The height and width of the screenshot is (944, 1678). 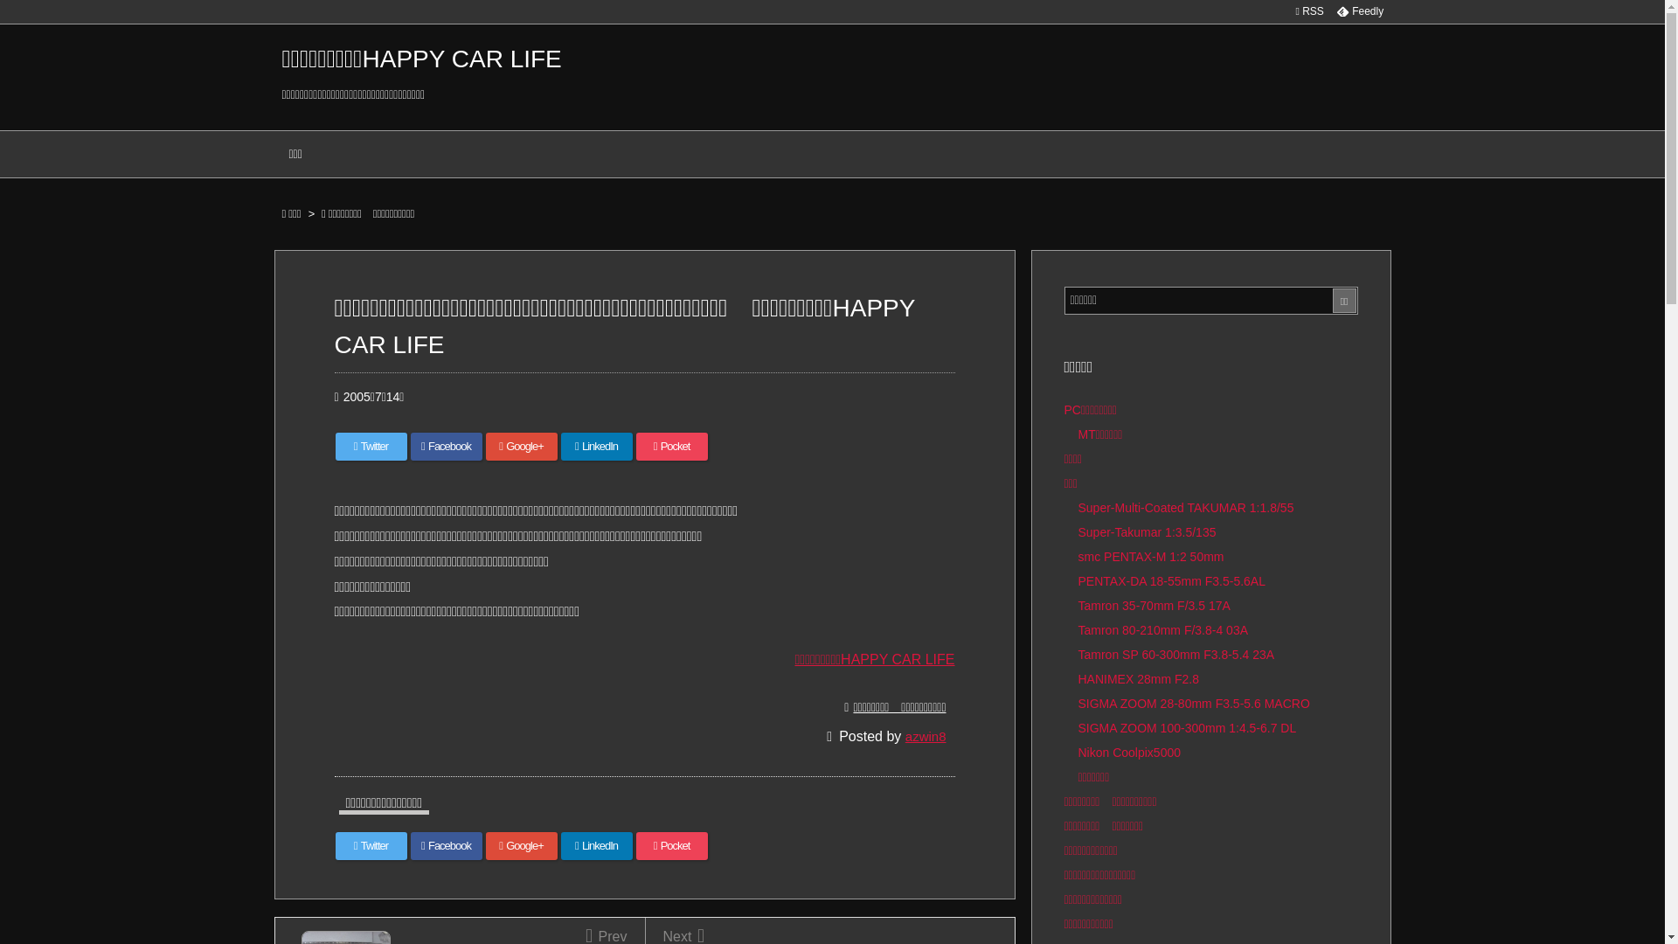 What do you see at coordinates (1151, 556) in the screenshot?
I see `'smc PENTAX-M 1:2 50mm'` at bounding box center [1151, 556].